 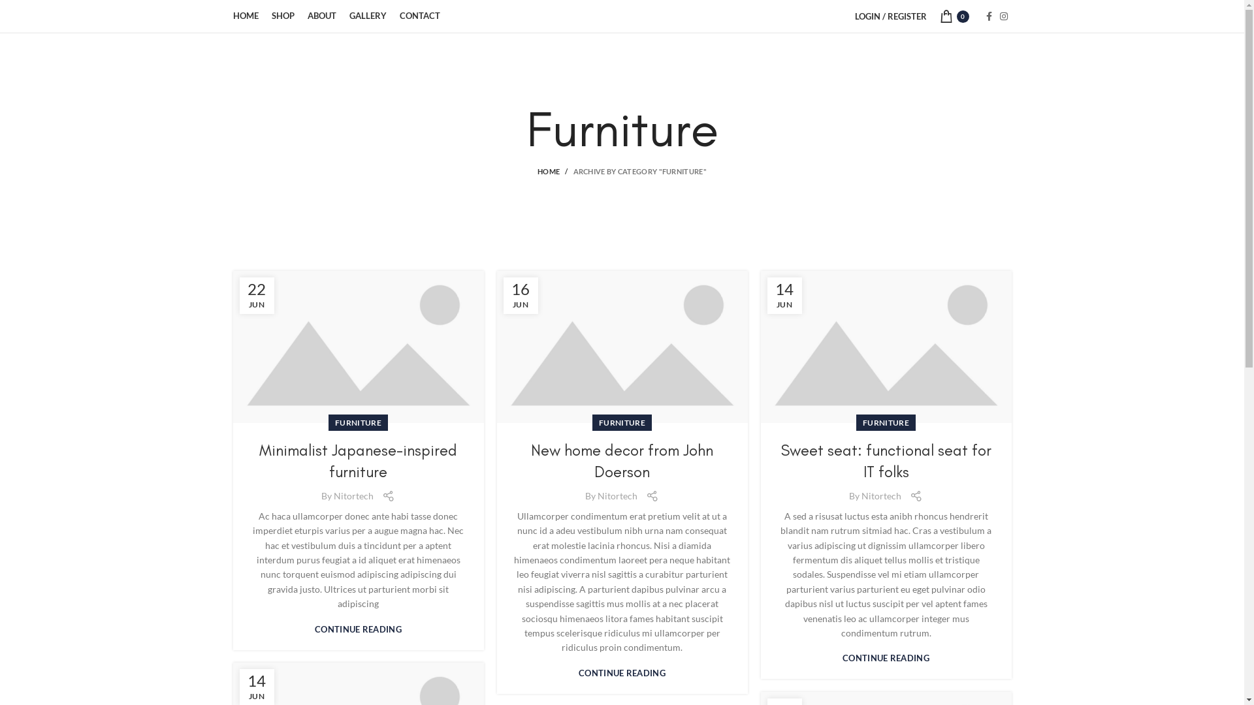 What do you see at coordinates (932, 16) in the screenshot?
I see `'0'` at bounding box center [932, 16].